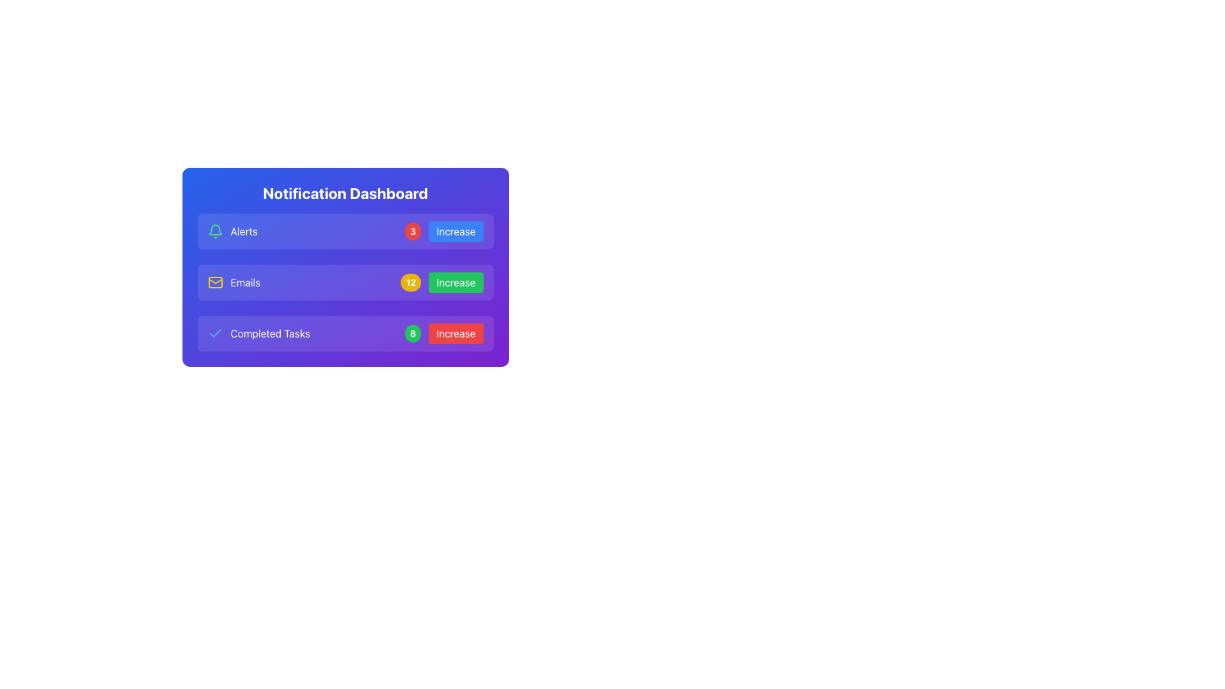  Describe the element at coordinates (345, 333) in the screenshot. I see `the UI card displaying completed tasks summary with an 'Increase' button, located in the Notification Dashboard below 'Emails'` at that location.